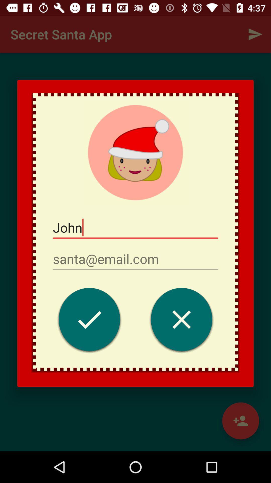 This screenshot has height=483, width=271. What do you see at coordinates (135, 259) in the screenshot?
I see `insert email adress` at bounding box center [135, 259].